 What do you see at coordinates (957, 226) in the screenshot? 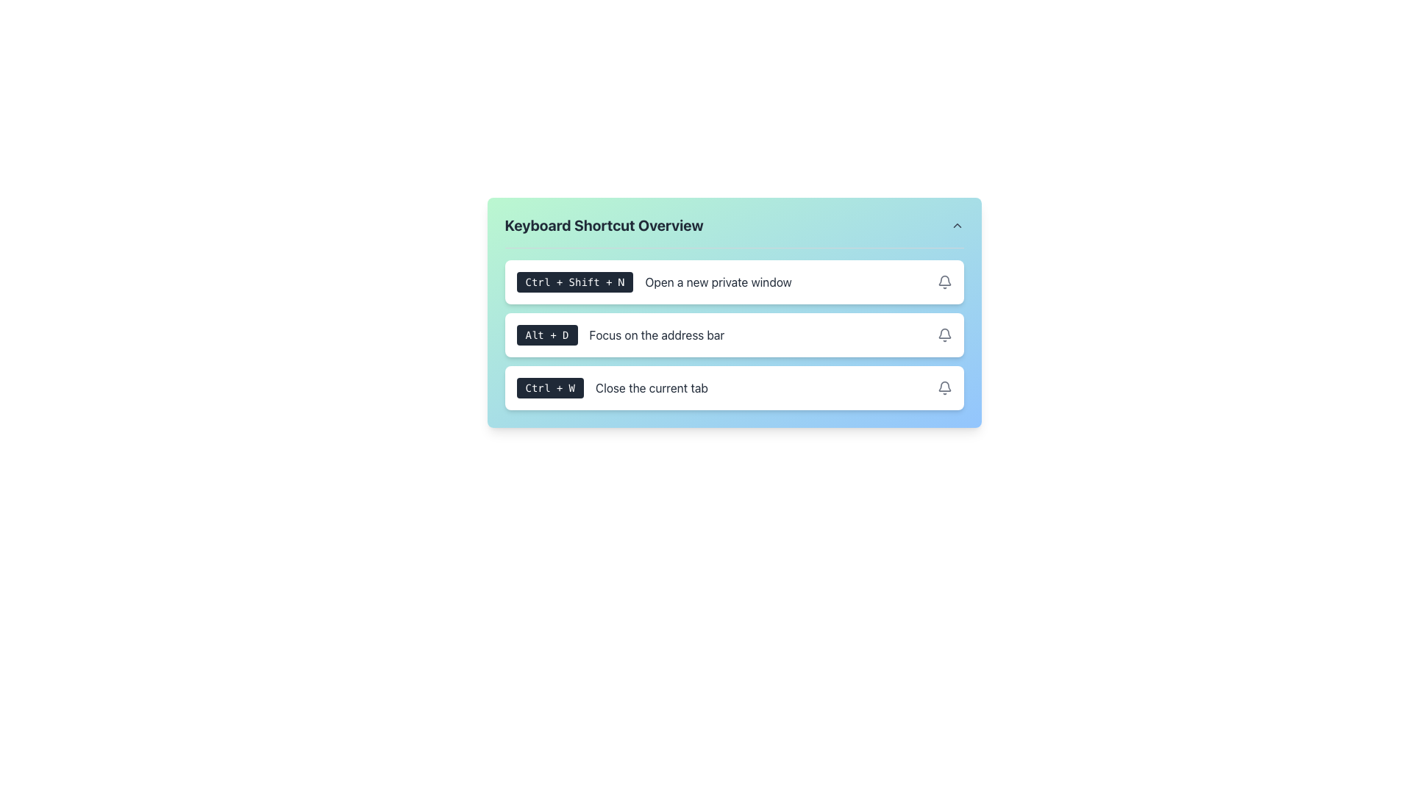
I see `the upward-facing chevron icon button located` at bounding box center [957, 226].